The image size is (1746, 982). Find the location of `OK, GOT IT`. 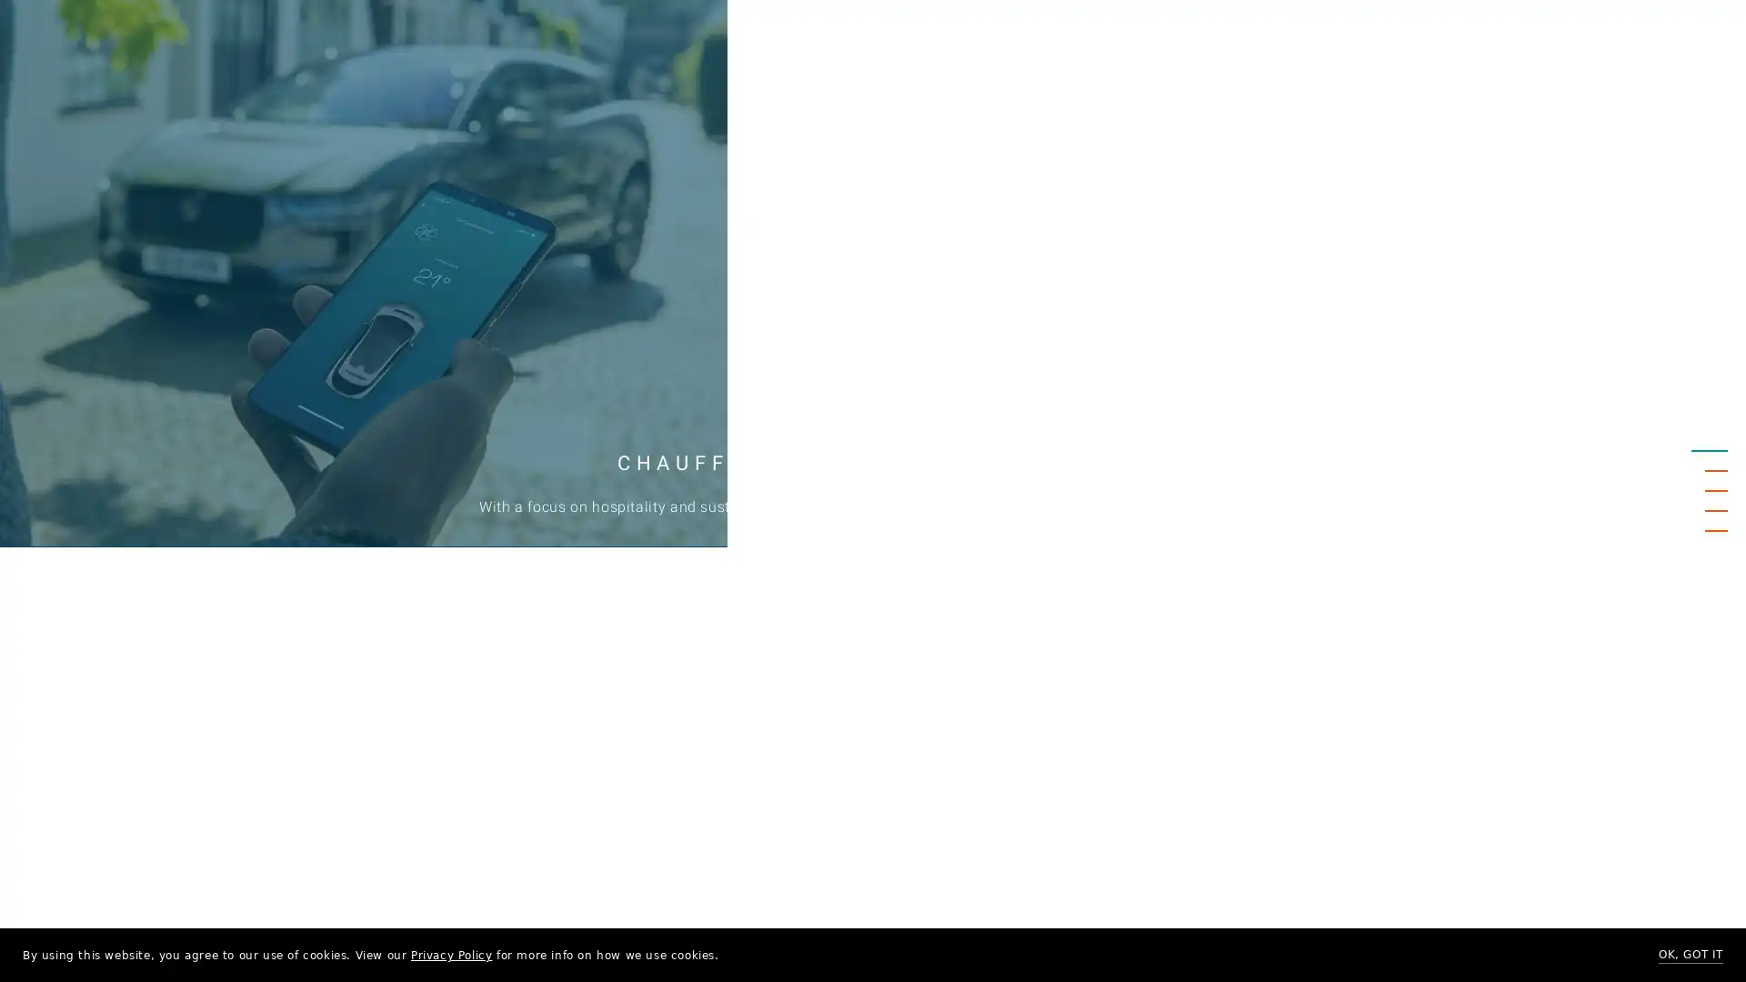

OK, GOT IT is located at coordinates (1690, 954).